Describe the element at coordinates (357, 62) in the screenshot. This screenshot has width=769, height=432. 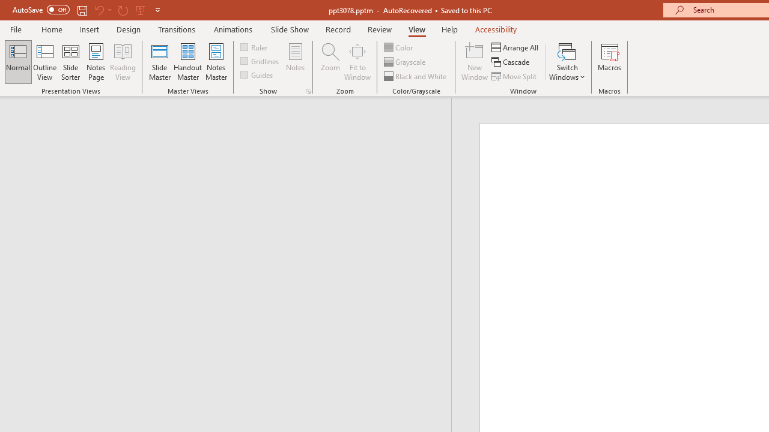
I see `'Fit to Window'` at that location.